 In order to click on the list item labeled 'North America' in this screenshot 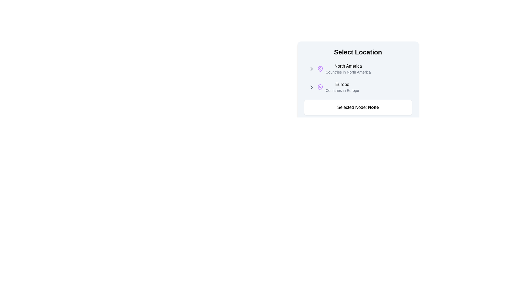, I will do `click(358, 78)`.